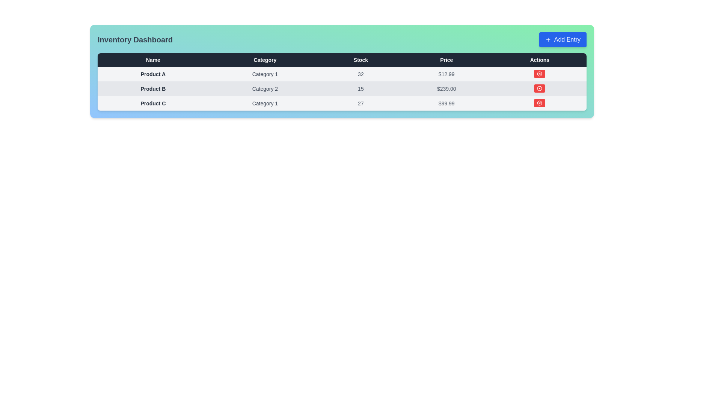 The image size is (721, 405). Describe the element at coordinates (539, 88) in the screenshot. I see `the delete button with a red 'X' icon in the 'Actions' column for 'Product B' priced at '$239.00'` at that location.